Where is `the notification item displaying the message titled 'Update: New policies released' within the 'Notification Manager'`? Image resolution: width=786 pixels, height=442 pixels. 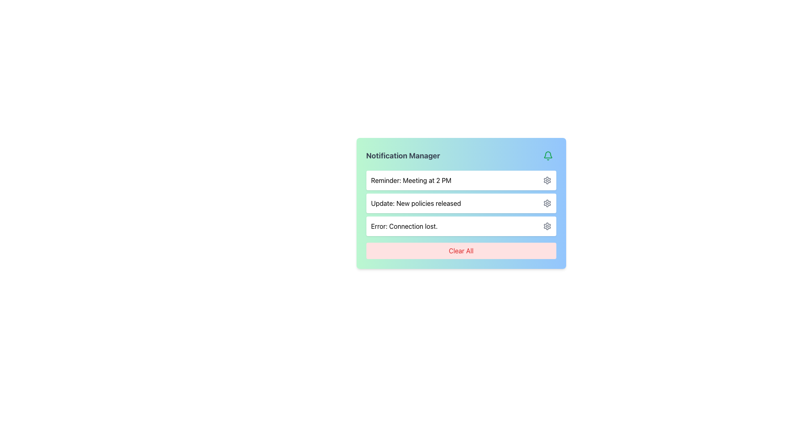 the notification item displaying the message titled 'Update: New policies released' within the 'Notification Manager' is located at coordinates (461, 203).